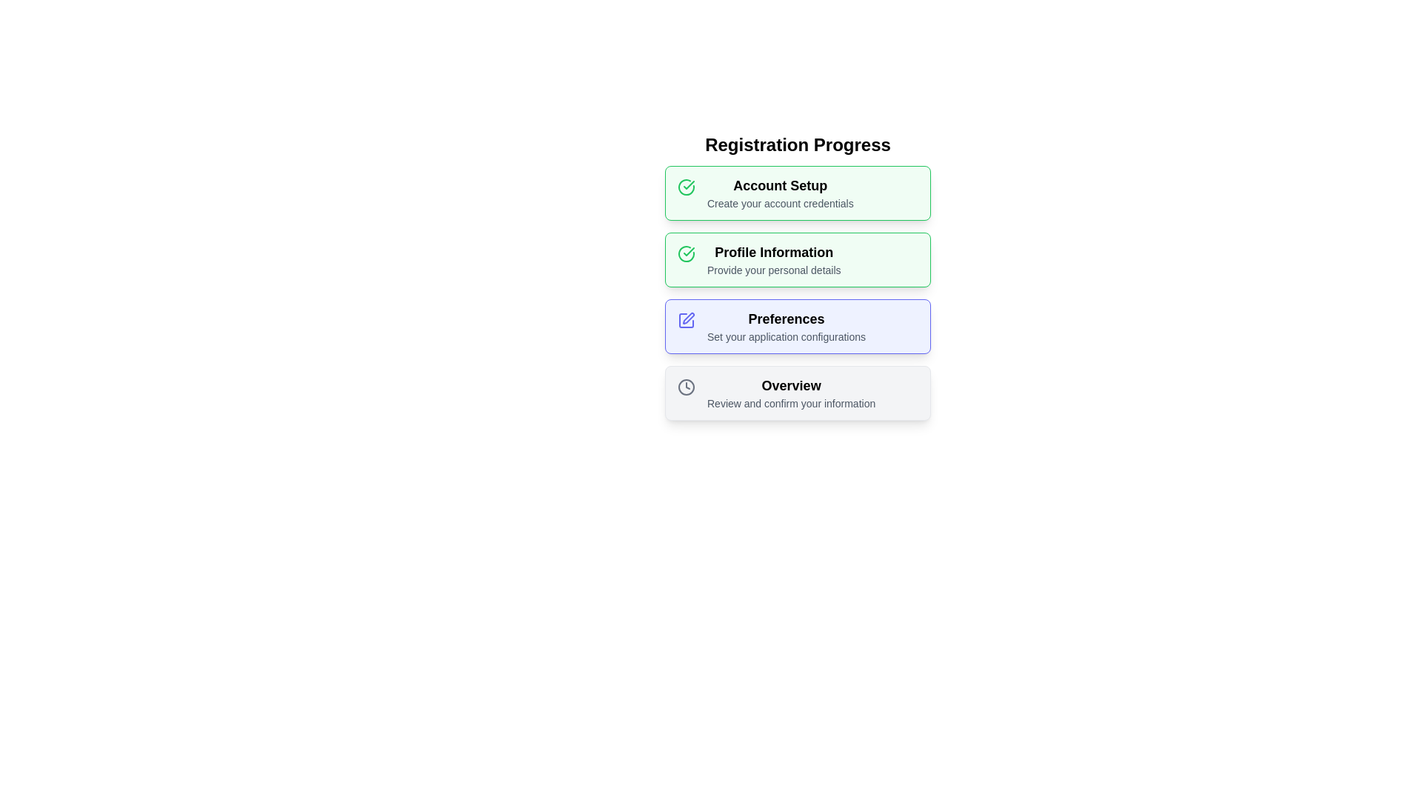 The image size is (1422, 800). What do you see at coordinates (797, 293) in the screenshot?
I see `the third informational box` at bounding box center [797, 293].